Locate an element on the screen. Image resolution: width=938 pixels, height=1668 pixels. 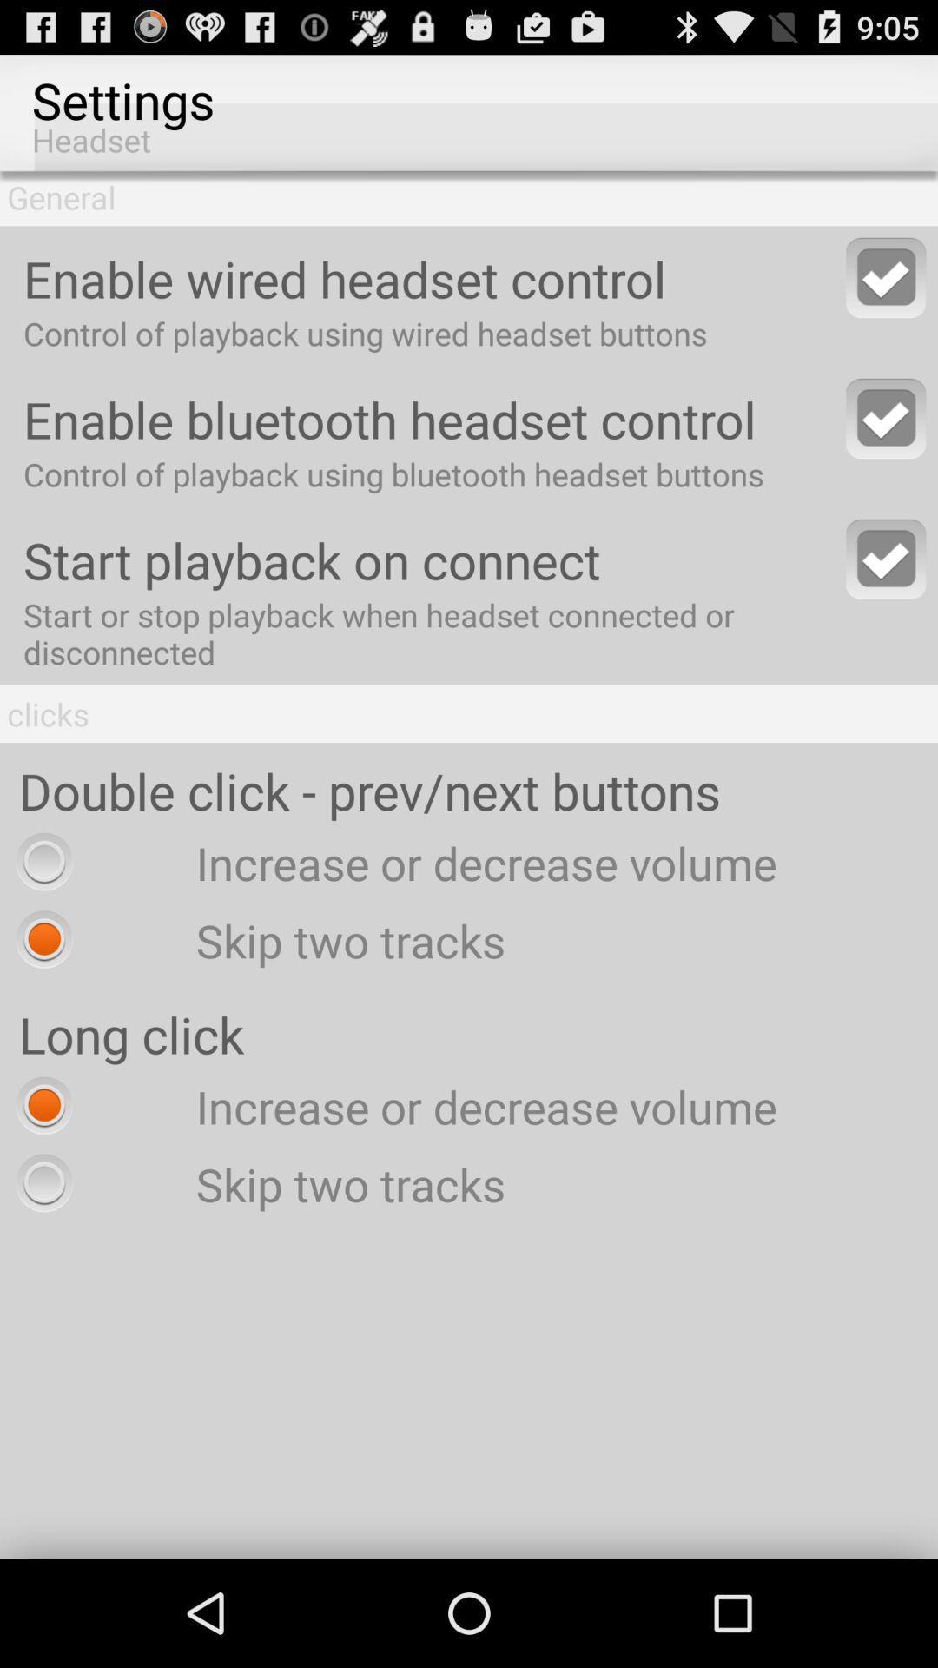
click enable is located at coordinates (886, 276).